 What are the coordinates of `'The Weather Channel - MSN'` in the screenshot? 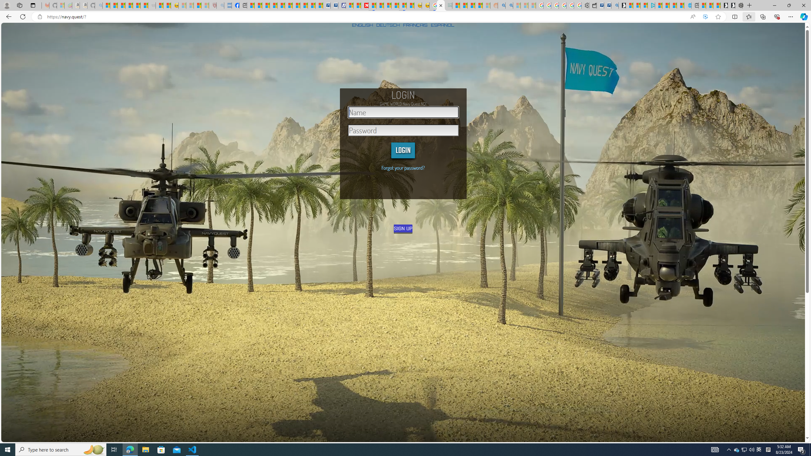 It's located at (121, 5).